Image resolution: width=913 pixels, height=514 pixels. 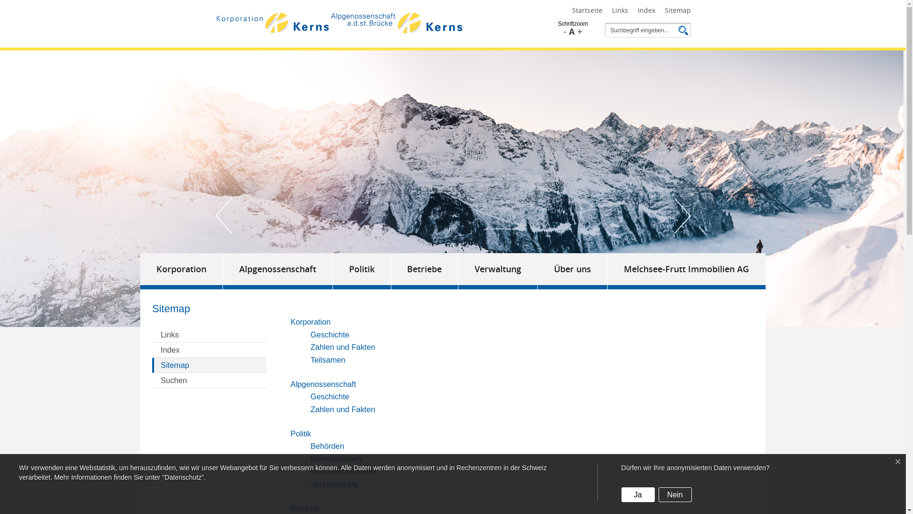 What do you see at coordinates (305, 507) in the screenshot?
I see `'Betriebe'` at bounding box center [305, 507].